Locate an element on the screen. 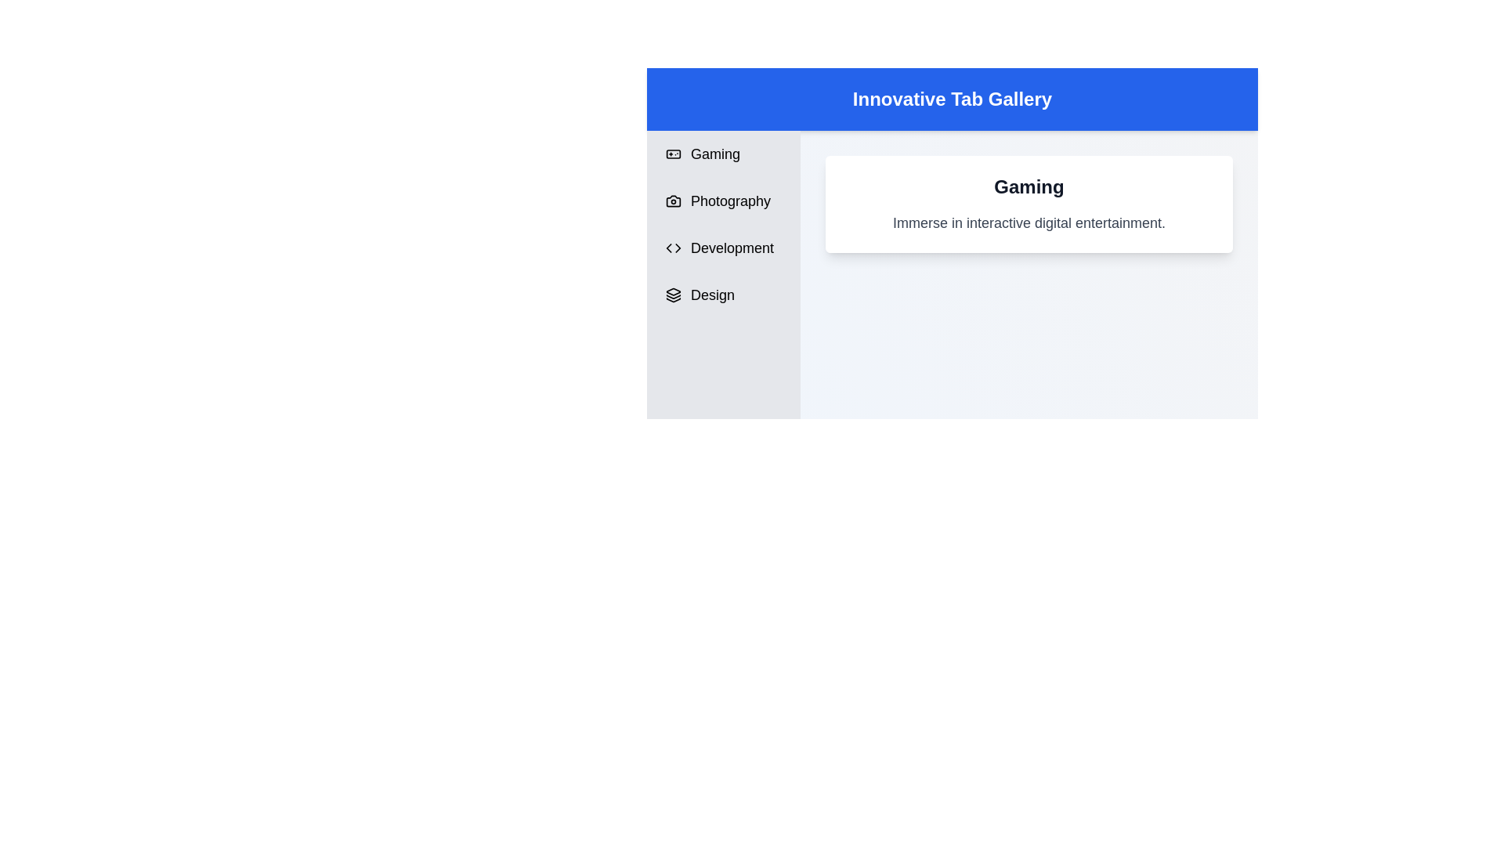 The width and height of the screenshot is (1504, 846). the tab labeled Design to switch content is located at coordinates (722, 295).